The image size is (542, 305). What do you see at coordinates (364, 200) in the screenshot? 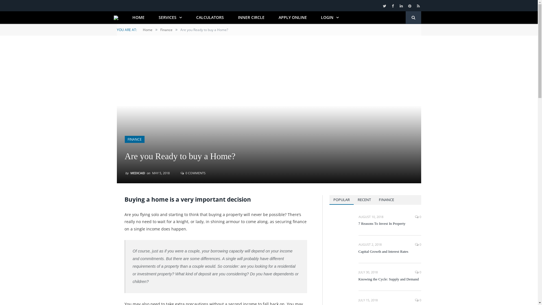
I see `'RECENT'` at bounding box center [364, 200].